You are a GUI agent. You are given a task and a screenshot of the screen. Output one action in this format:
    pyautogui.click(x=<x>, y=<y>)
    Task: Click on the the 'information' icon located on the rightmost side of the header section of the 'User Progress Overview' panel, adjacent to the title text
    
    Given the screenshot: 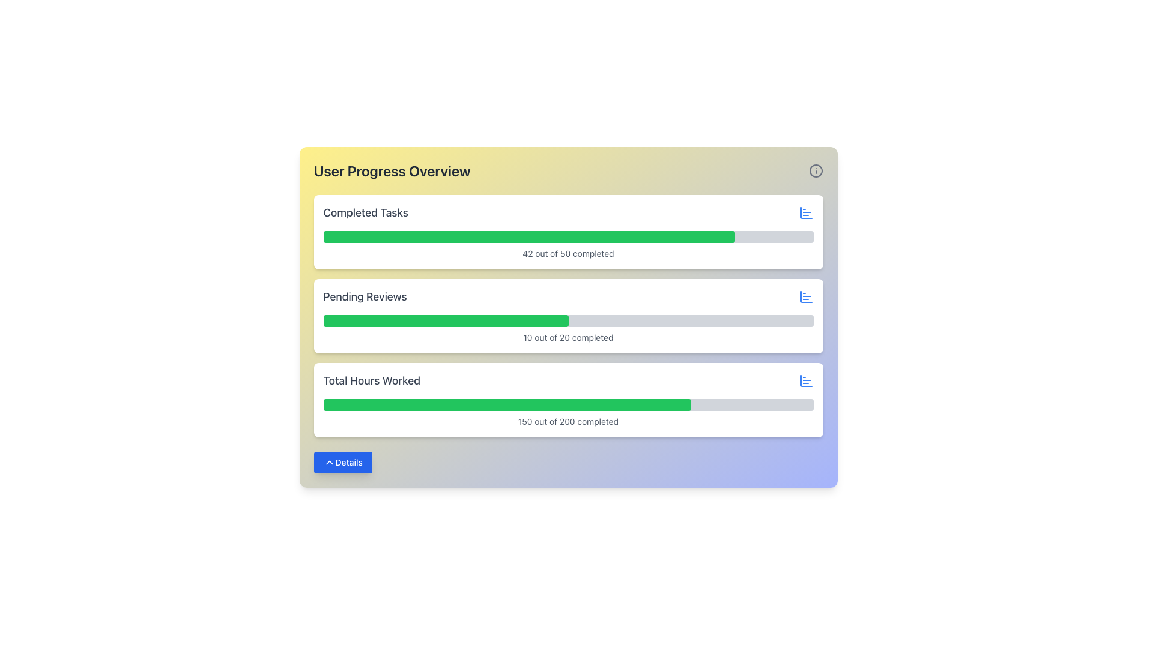 What is the action you would take?
    pyautogui.click(x=816, y=171)
    